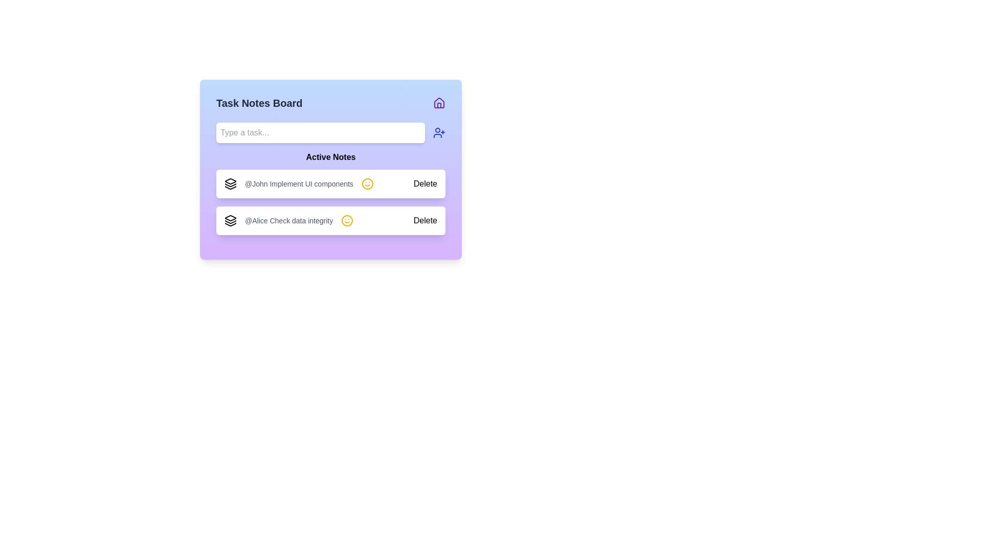 Image resolution: width=982 pixels, height=552 pixels. Describe the element at coordinates (299, 183) in the screenshot. I see `text content '@John Implement UI components' from the Text label located in the 'Active Notes' section of the task board` at that location.